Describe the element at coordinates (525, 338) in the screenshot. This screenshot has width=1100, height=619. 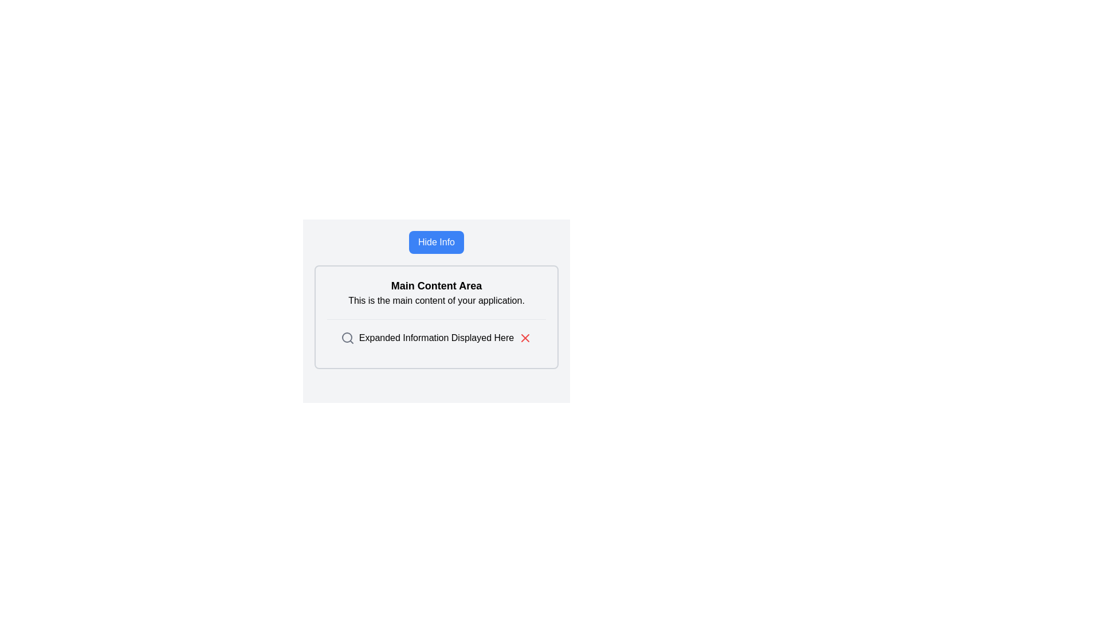
I see `the close icon located to the right of the text 'Expanded Information Displayed Here'` at that location.